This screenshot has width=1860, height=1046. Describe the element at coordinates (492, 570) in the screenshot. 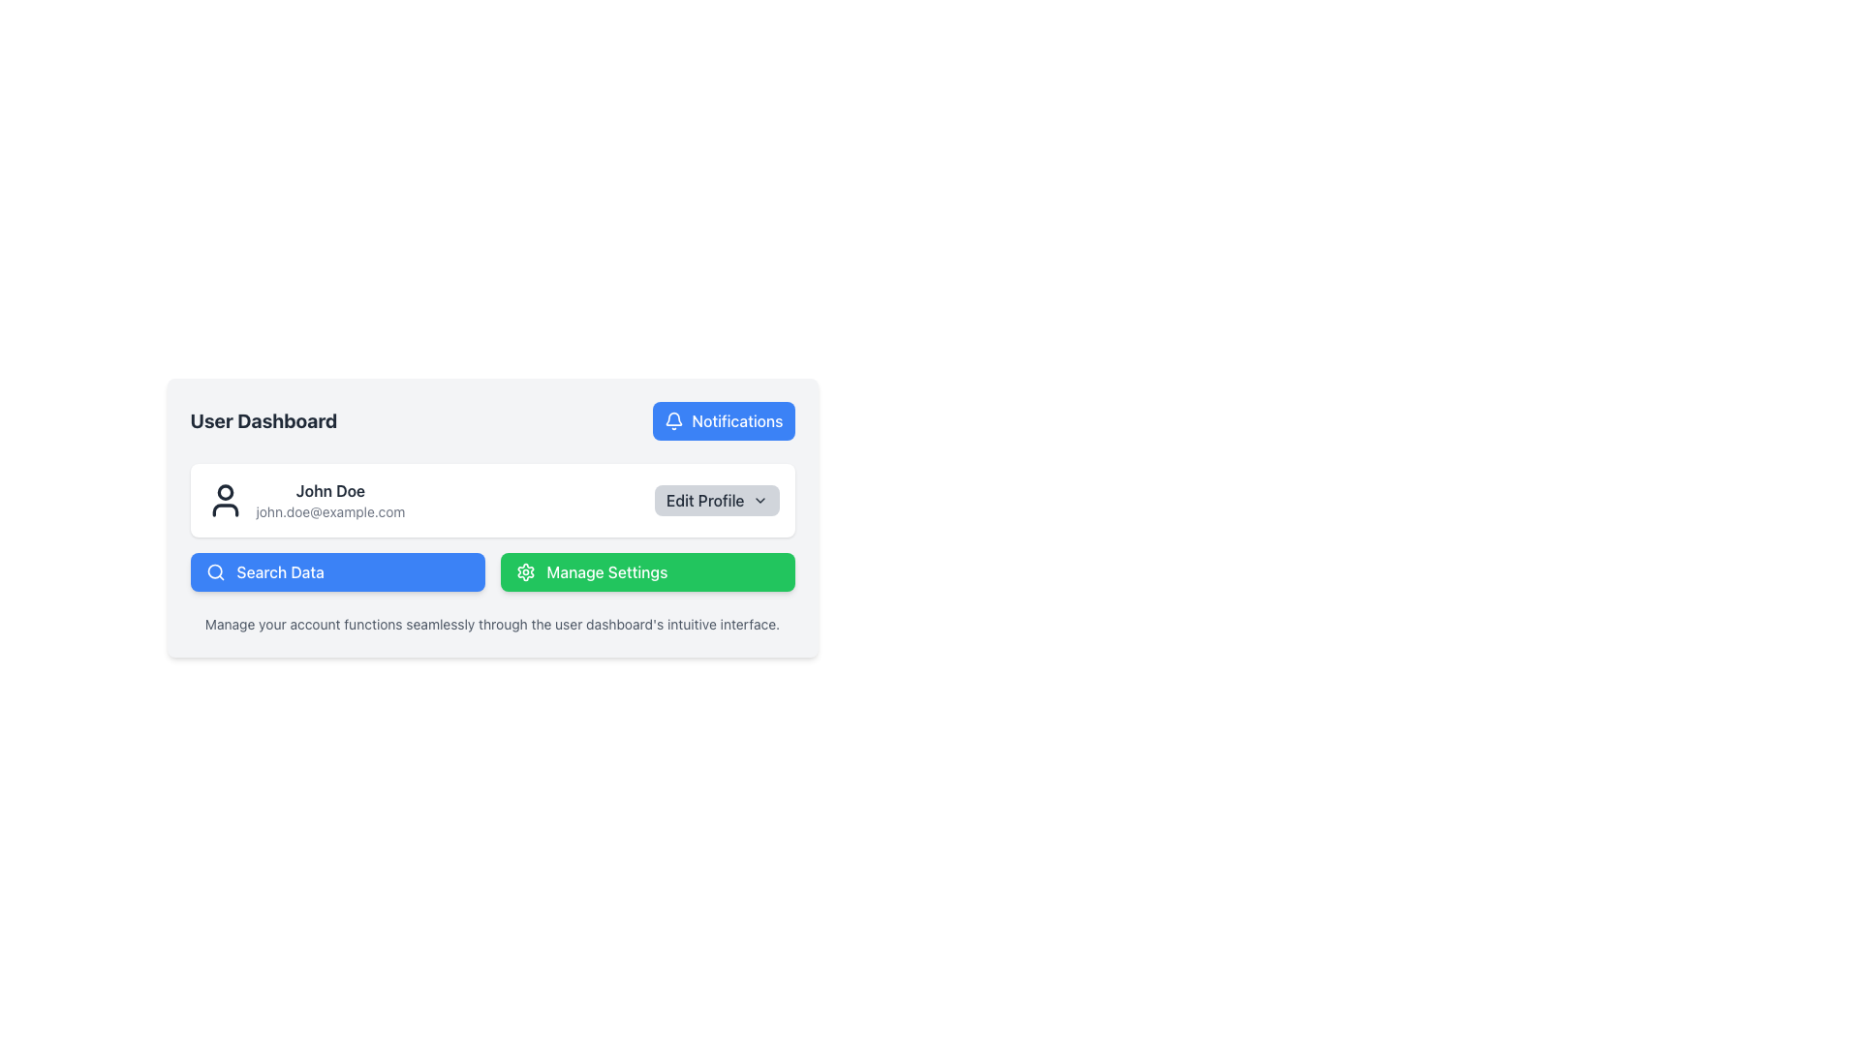

I see `the left button in the grid below the 'John Doe' user information block to initiate the search operation` at that location.